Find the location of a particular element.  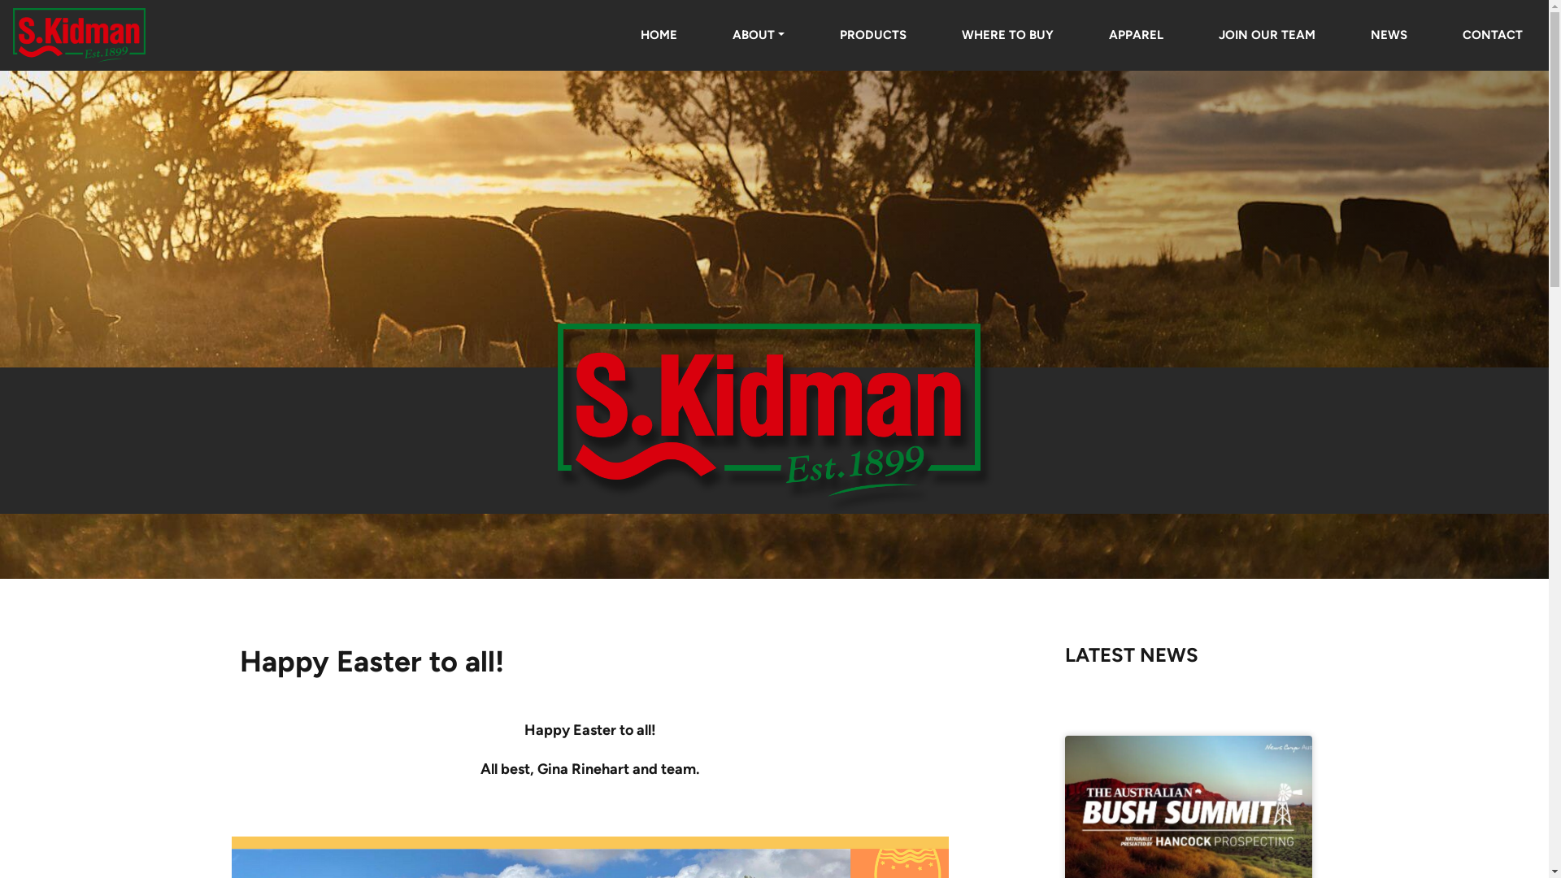

'NEWS' is located at coordinates (1388, 34).